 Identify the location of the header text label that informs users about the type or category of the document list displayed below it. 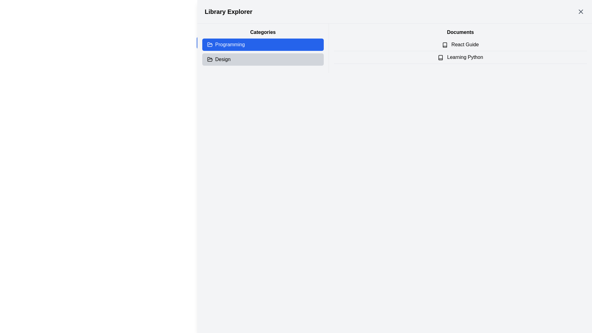
(460, 32).